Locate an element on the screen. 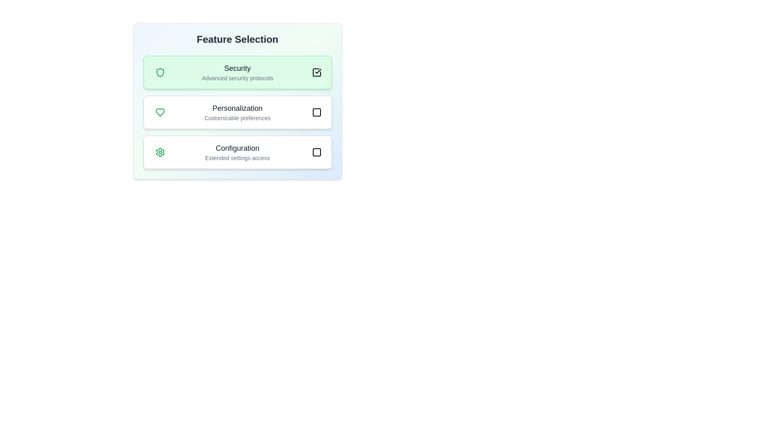 Image resolution: width=783 pixels, height=440 pixels. the static informational block representing a feature selection option located under 'Feature Selection', positioned between 'Security' and 'Configuration' is located at coordinates (237, 100).